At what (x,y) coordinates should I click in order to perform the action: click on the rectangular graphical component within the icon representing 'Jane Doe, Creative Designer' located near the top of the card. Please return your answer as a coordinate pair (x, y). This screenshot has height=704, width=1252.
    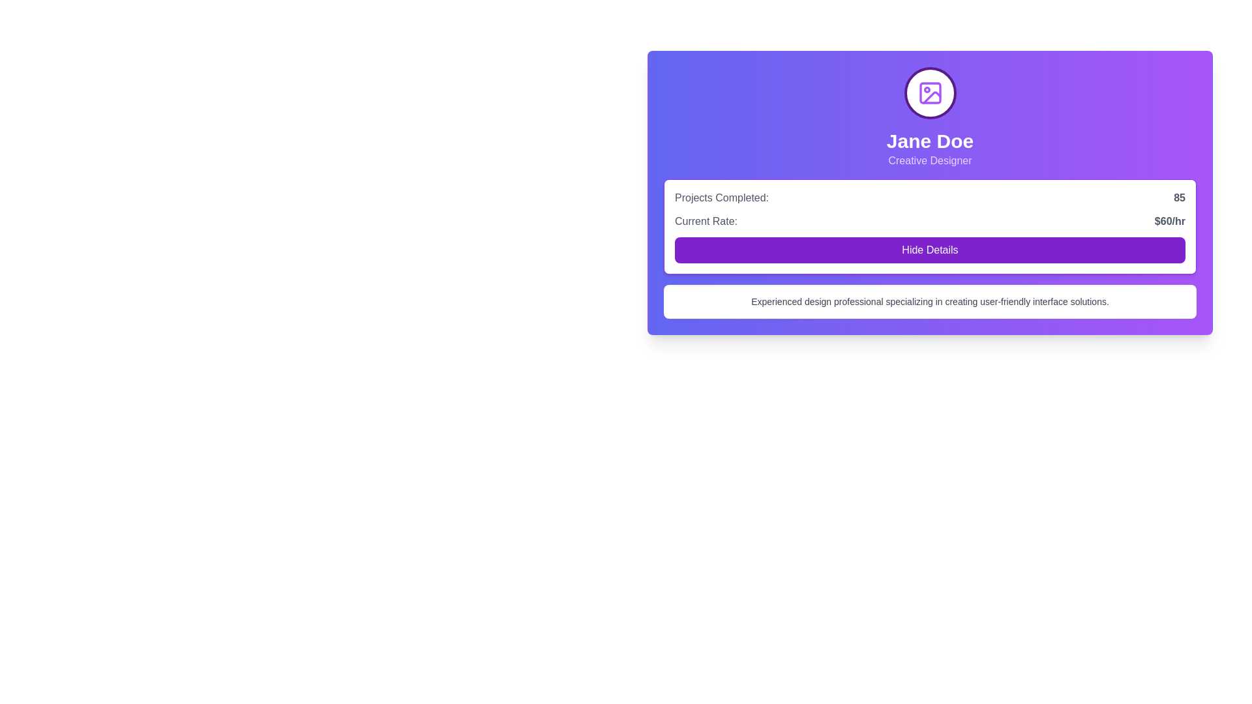
    Looking at the image, I should click on (929, 92).